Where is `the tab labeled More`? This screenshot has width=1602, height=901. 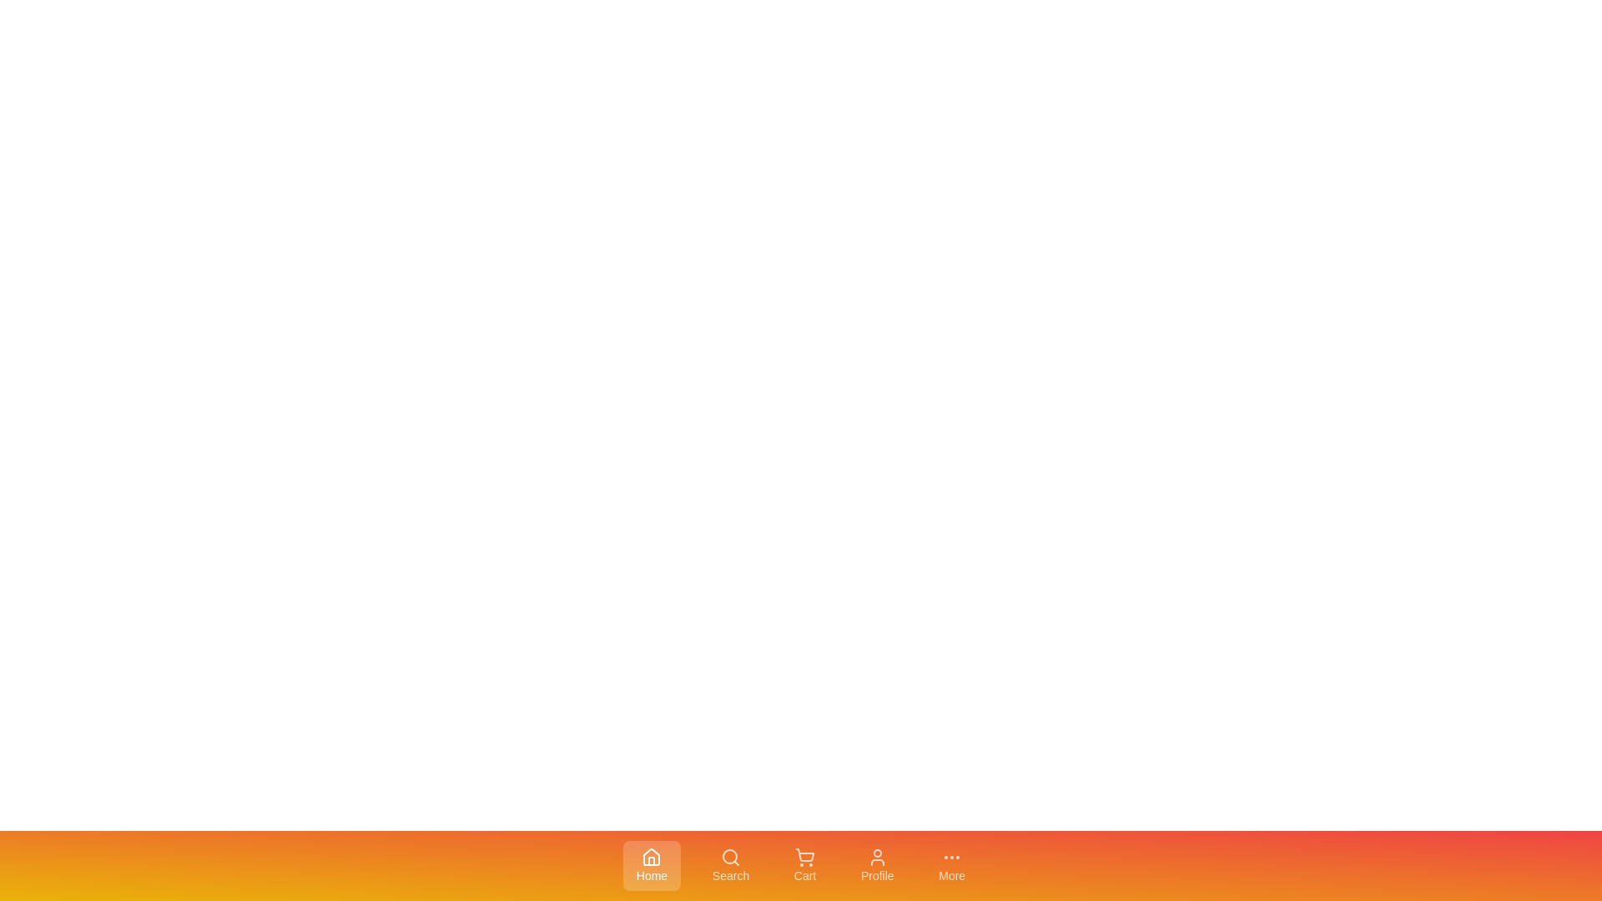 the tab labeled More is located at coordinates (952, 864).